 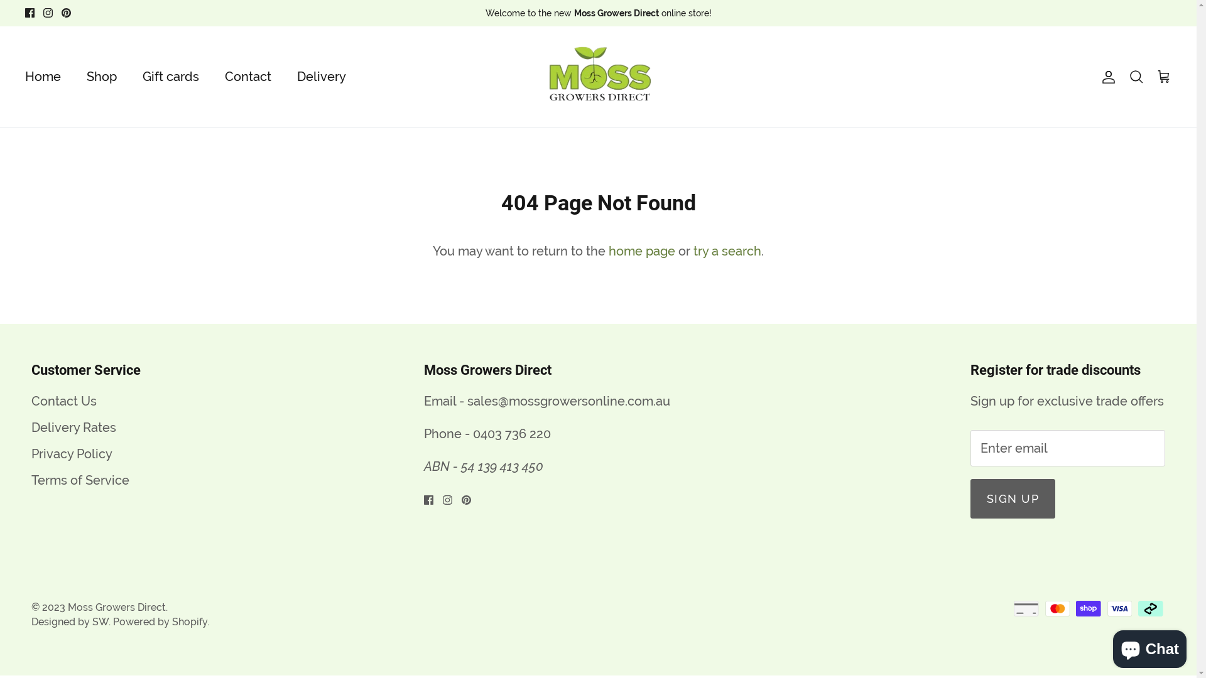 I want to click on 'Search', so click(x=1136, y=77).